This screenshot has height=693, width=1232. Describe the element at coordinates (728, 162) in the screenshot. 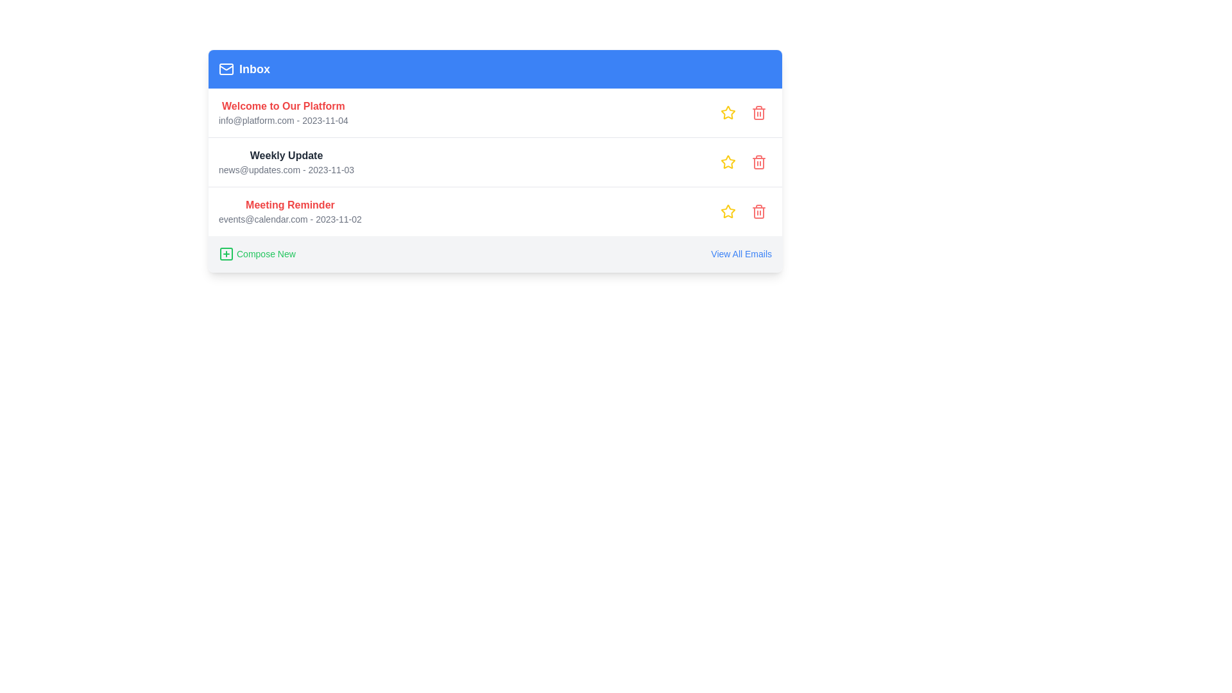

I see `the second yellow star icon button` at that location.